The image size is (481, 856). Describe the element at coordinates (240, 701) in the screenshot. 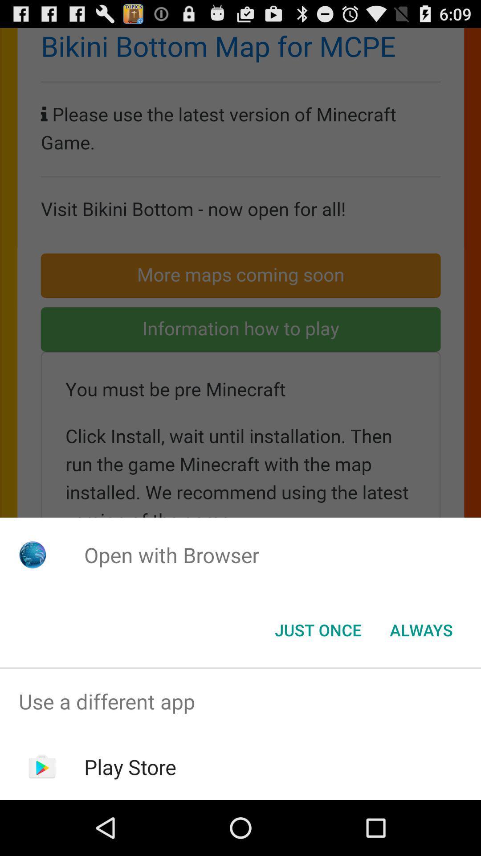

I see `the use a different` at that location.